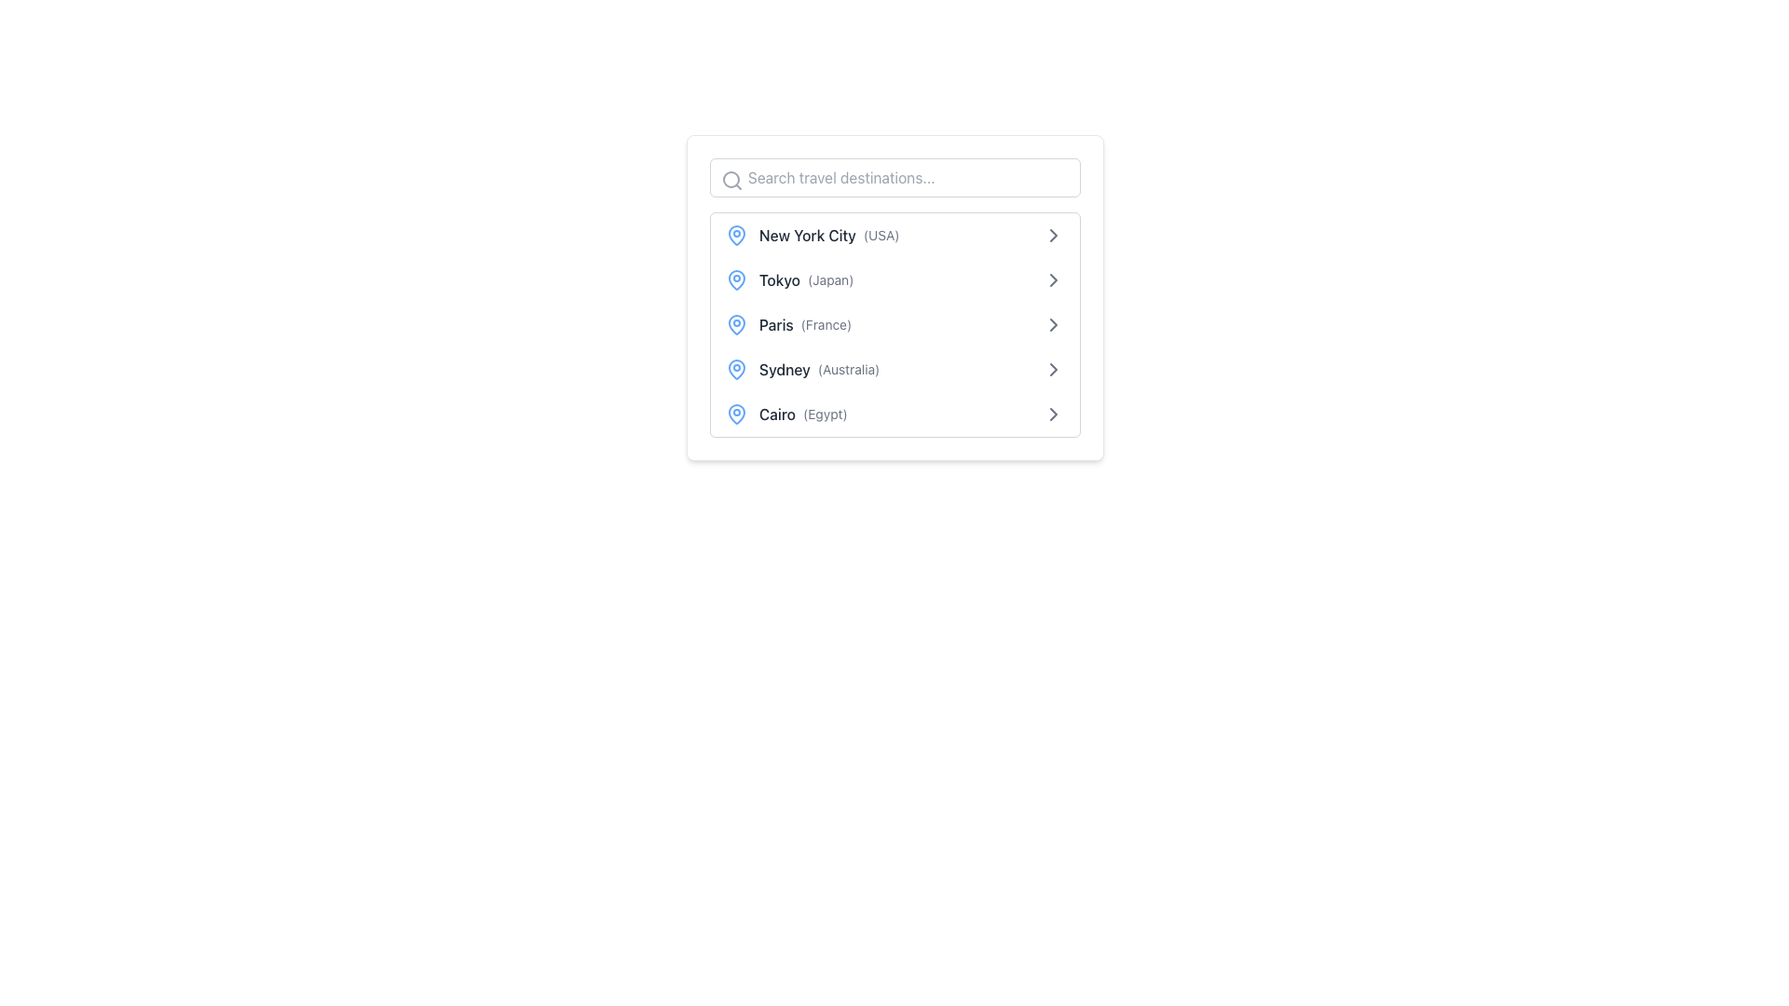  I want to click on the text label displaying 'Paris (France)', so click(788, 323).